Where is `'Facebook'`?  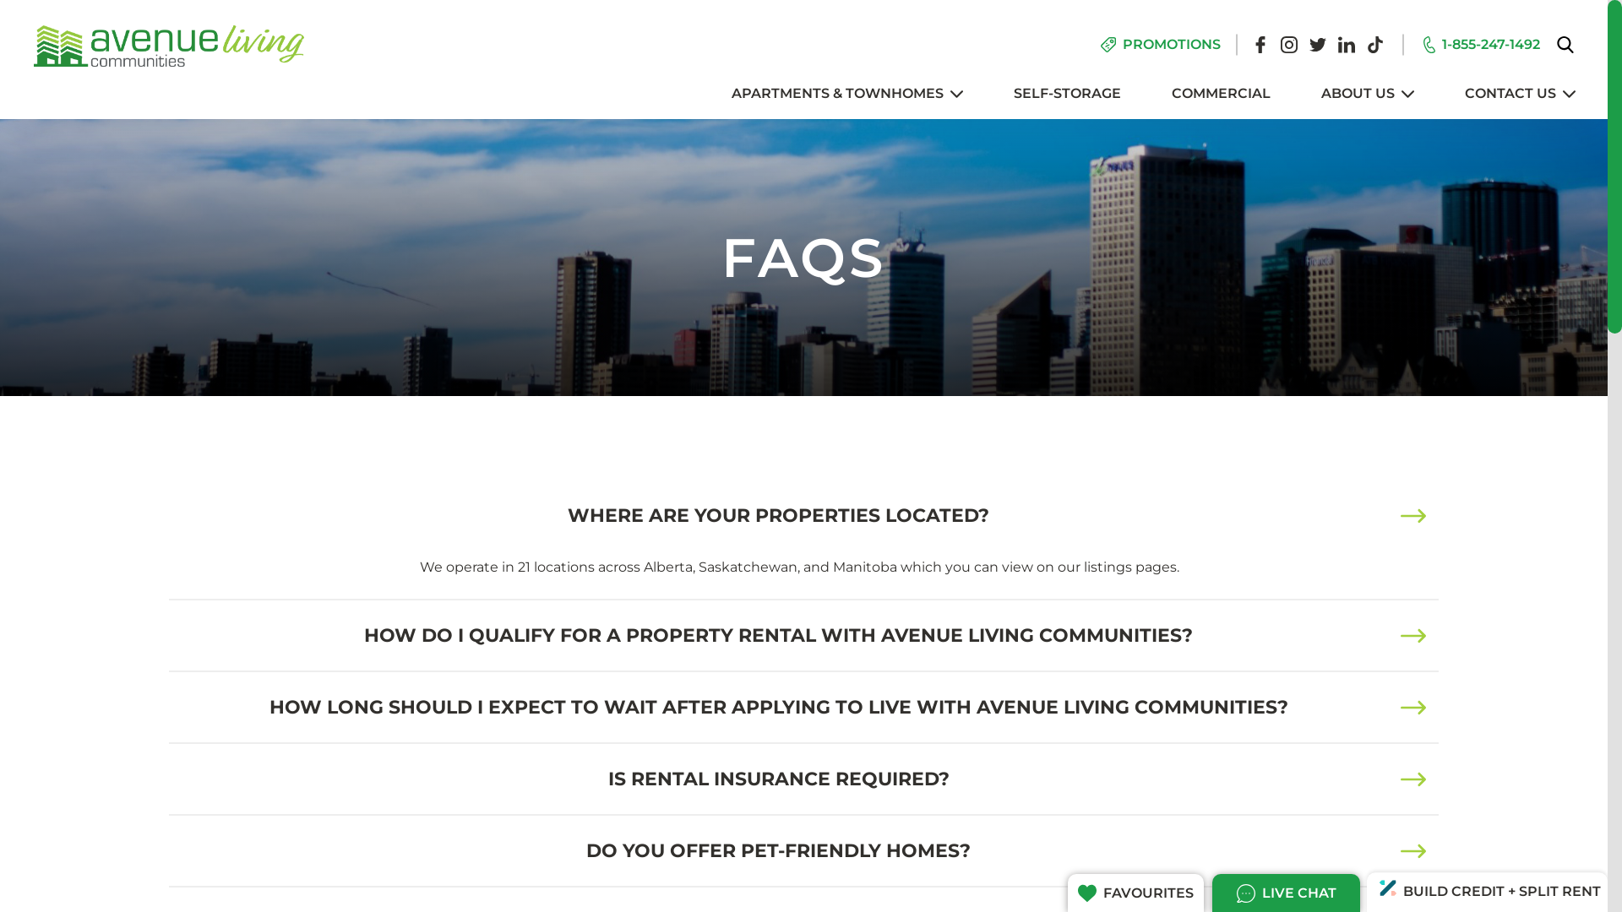 'Facebook' is located at coordinates (1260, 44).